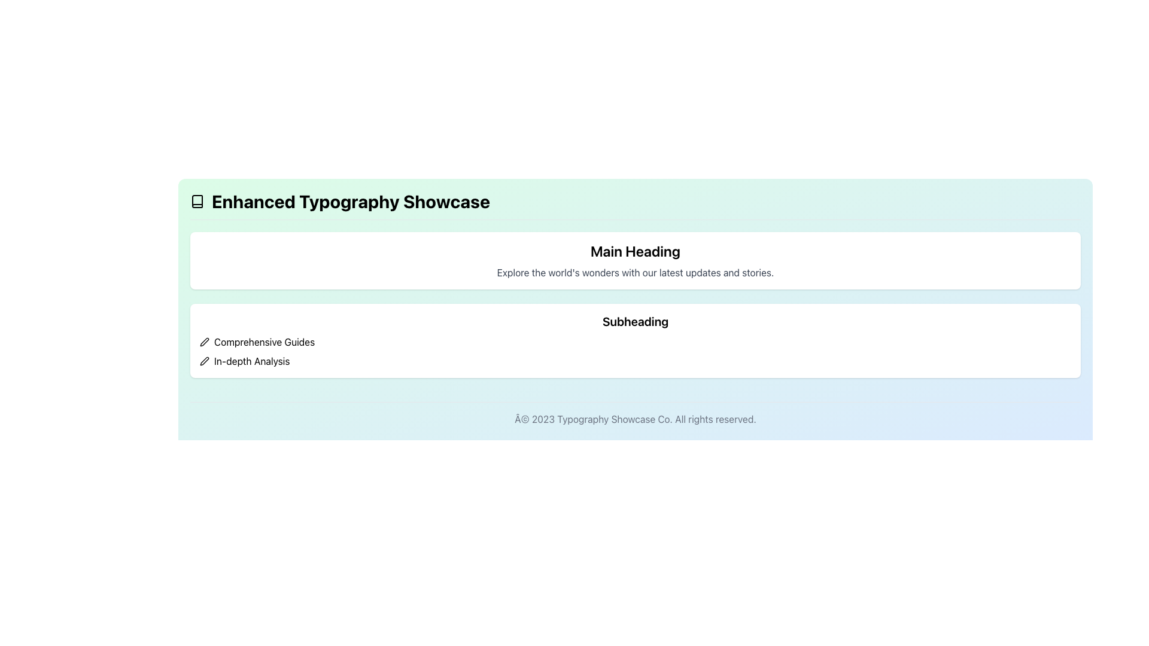  I want to click on the edit icon located to the left of the 'Comprehensive Guides' text to initiate an edit action, so click(204, 342).